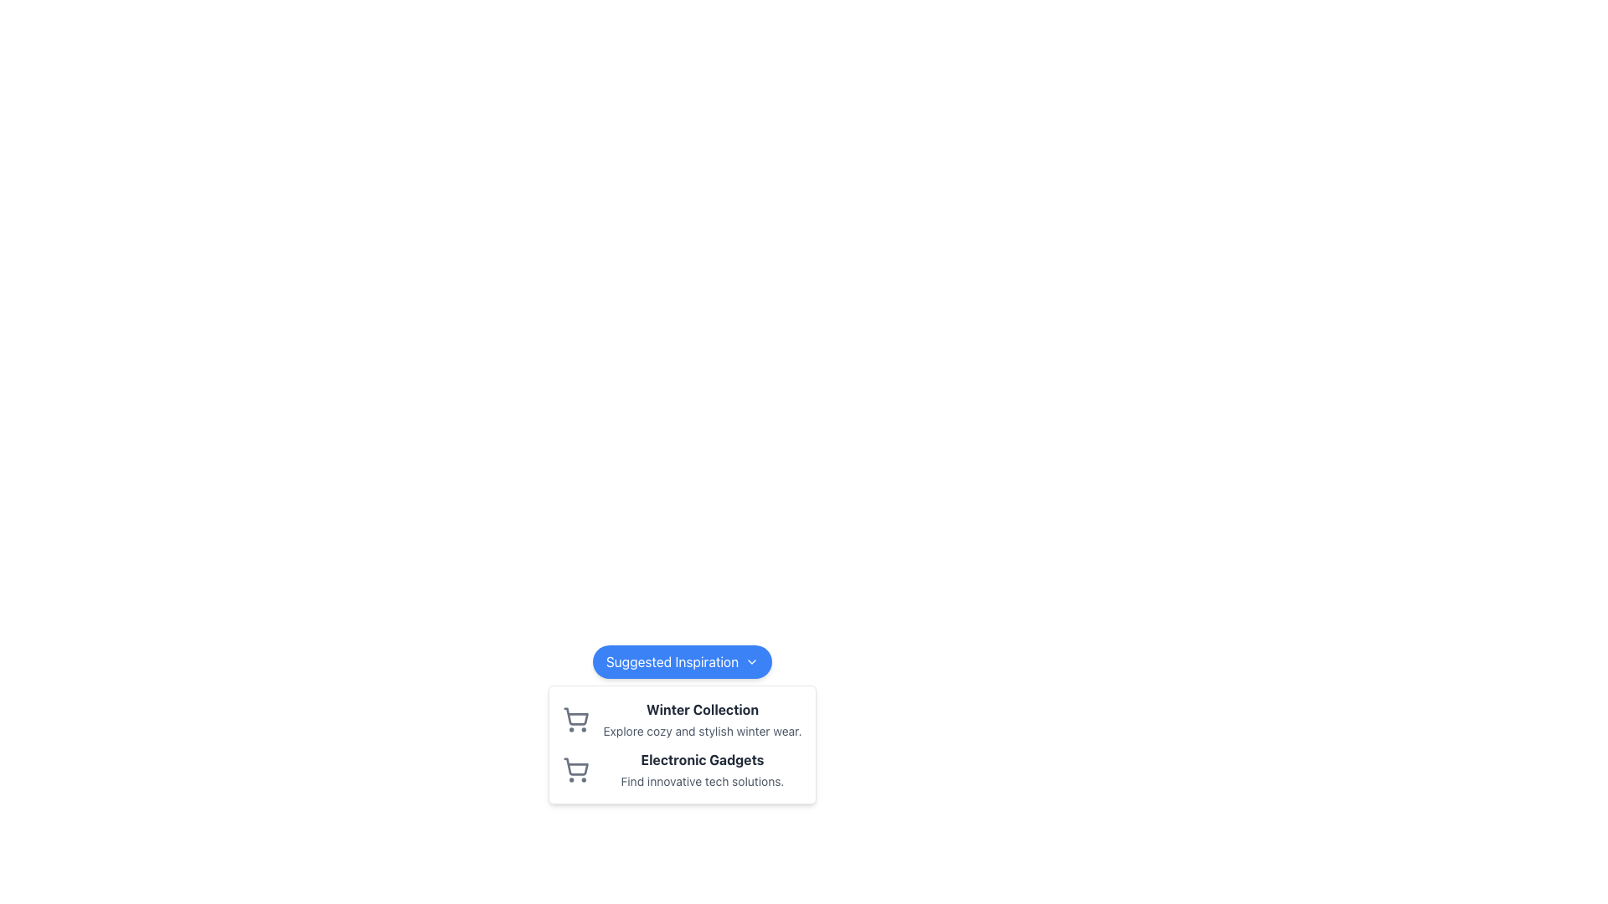 This screenshot has height=904, width=1608. Describe the element at coordinates (575, 716) in the screenshot. I see `the shopping cart icon located in the dropdown panel` at that location.